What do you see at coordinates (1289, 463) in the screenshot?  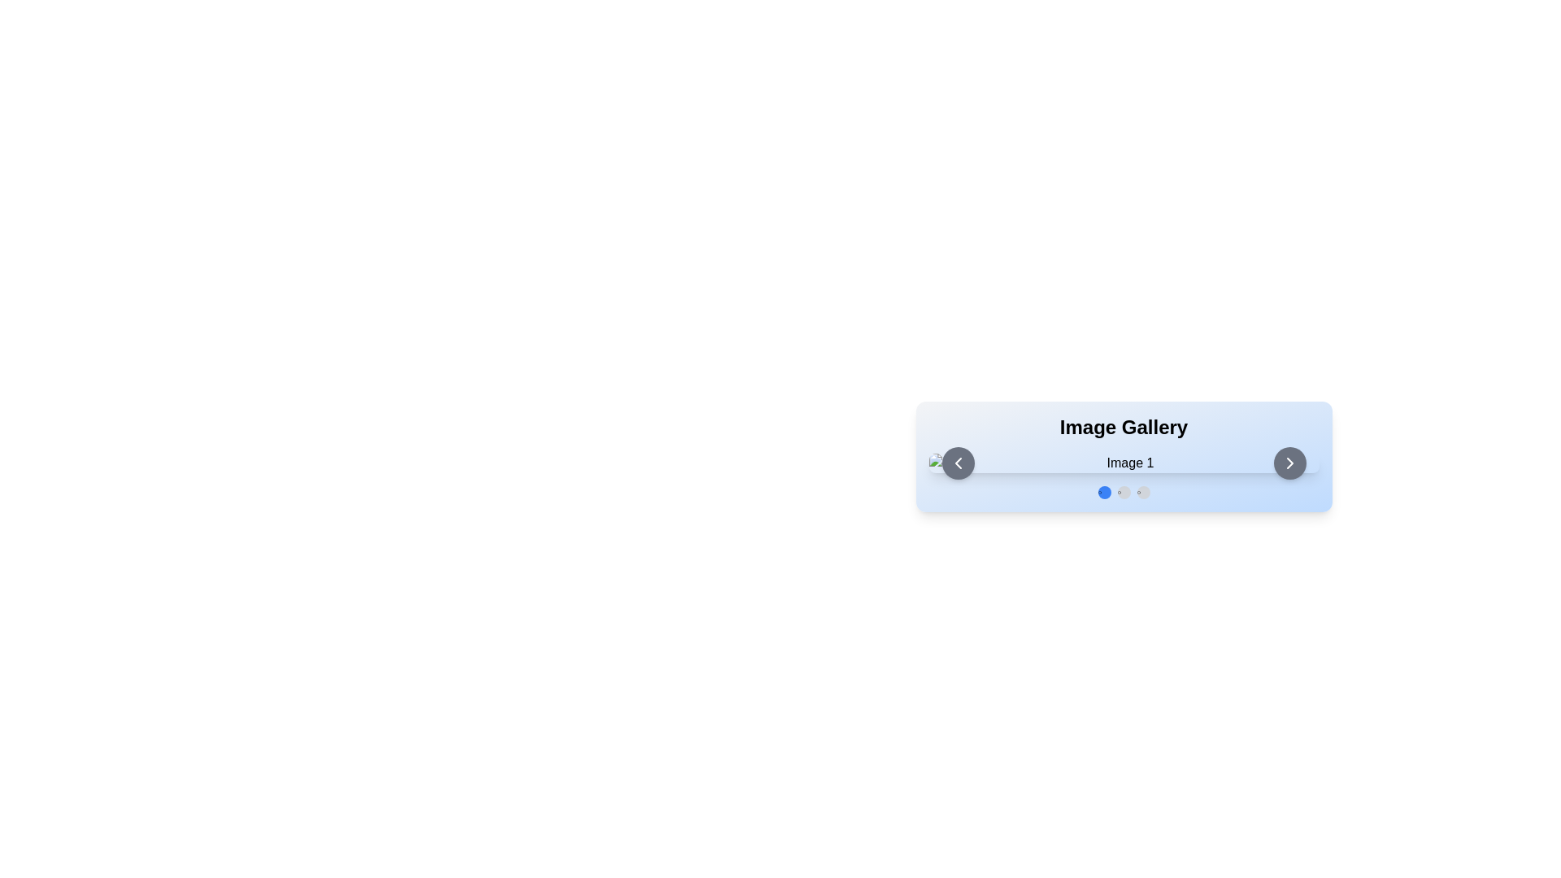 I see `the circular button with a dark gray background and a white rightward arrow icon` at bounding box center [1289, 463].